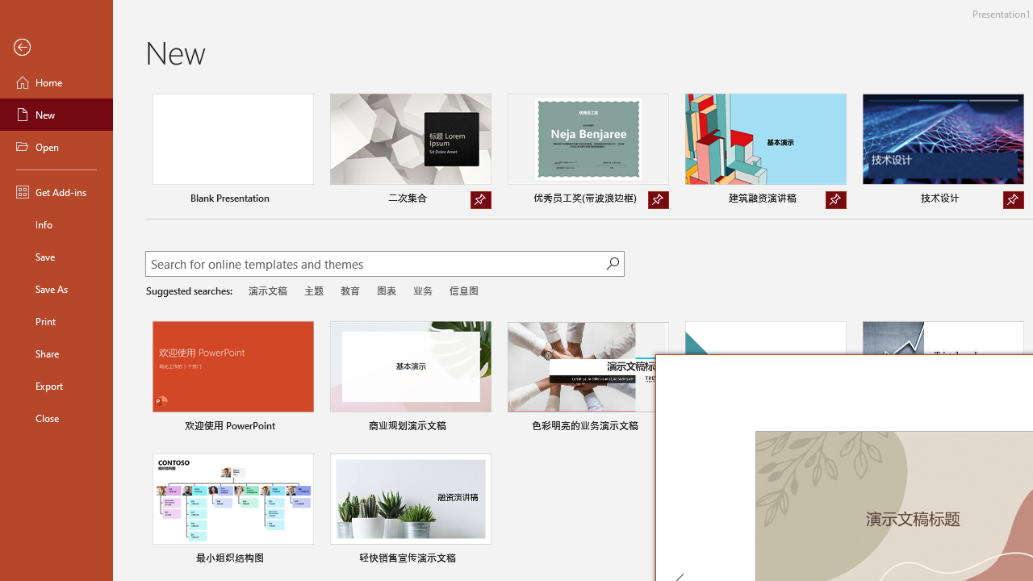 This screenshot has width=1033, height=581. I want to click on 'Search for online templates and themes', so click(374, 265).